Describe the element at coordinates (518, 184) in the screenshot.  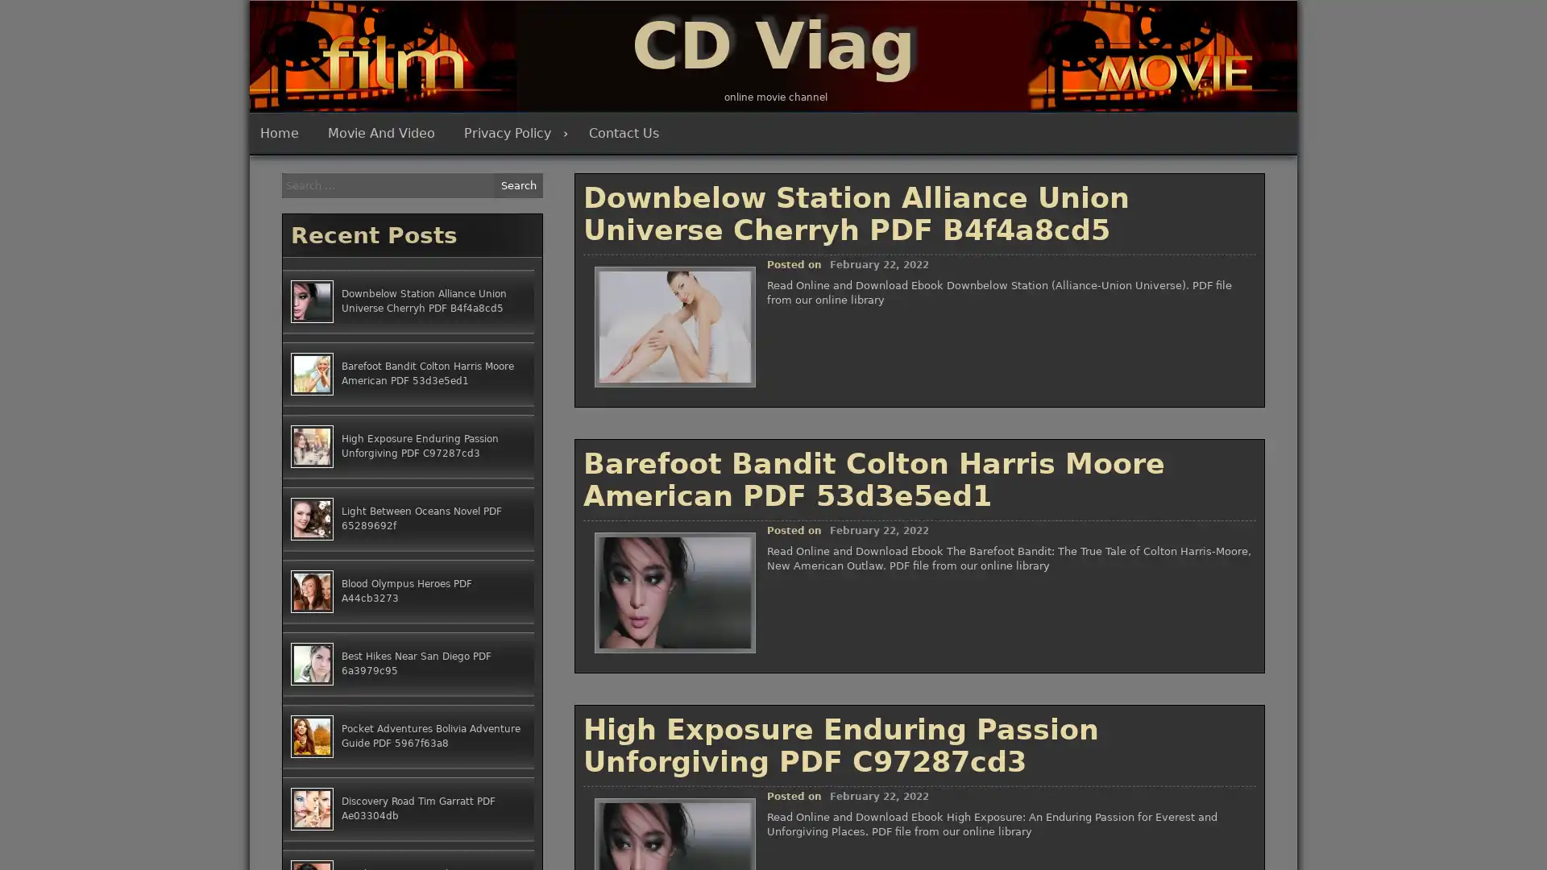
I see `Search` at that location.